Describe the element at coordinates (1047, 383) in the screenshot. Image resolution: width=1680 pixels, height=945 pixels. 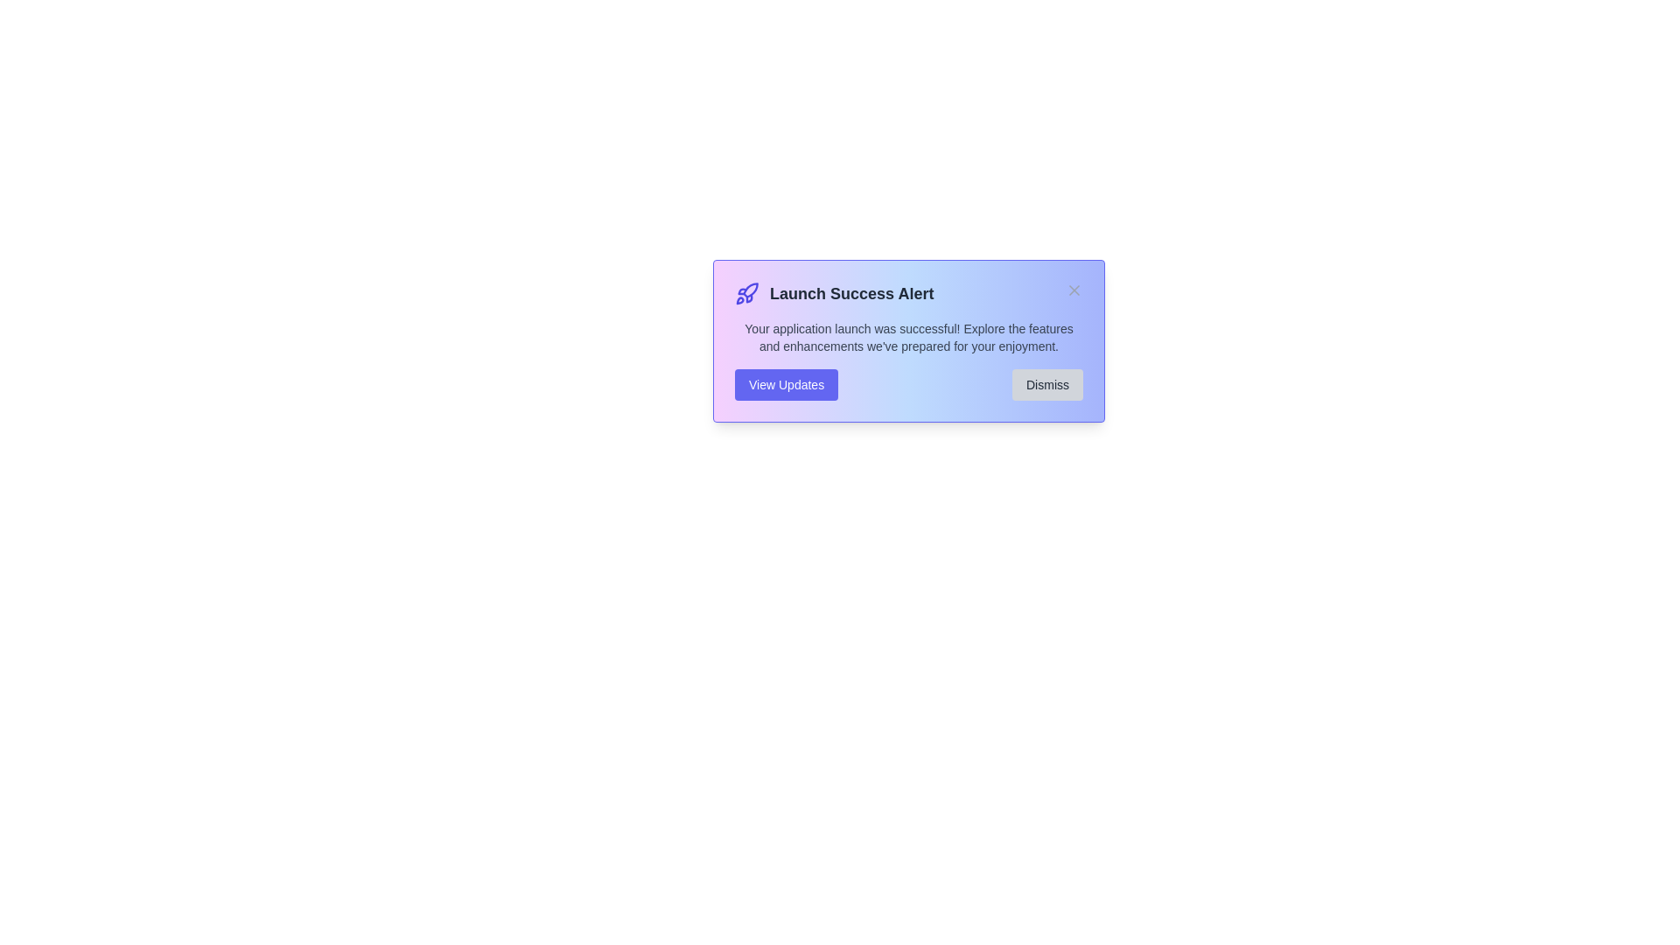
I see `'Dismiss' button to close the alert` at that location.